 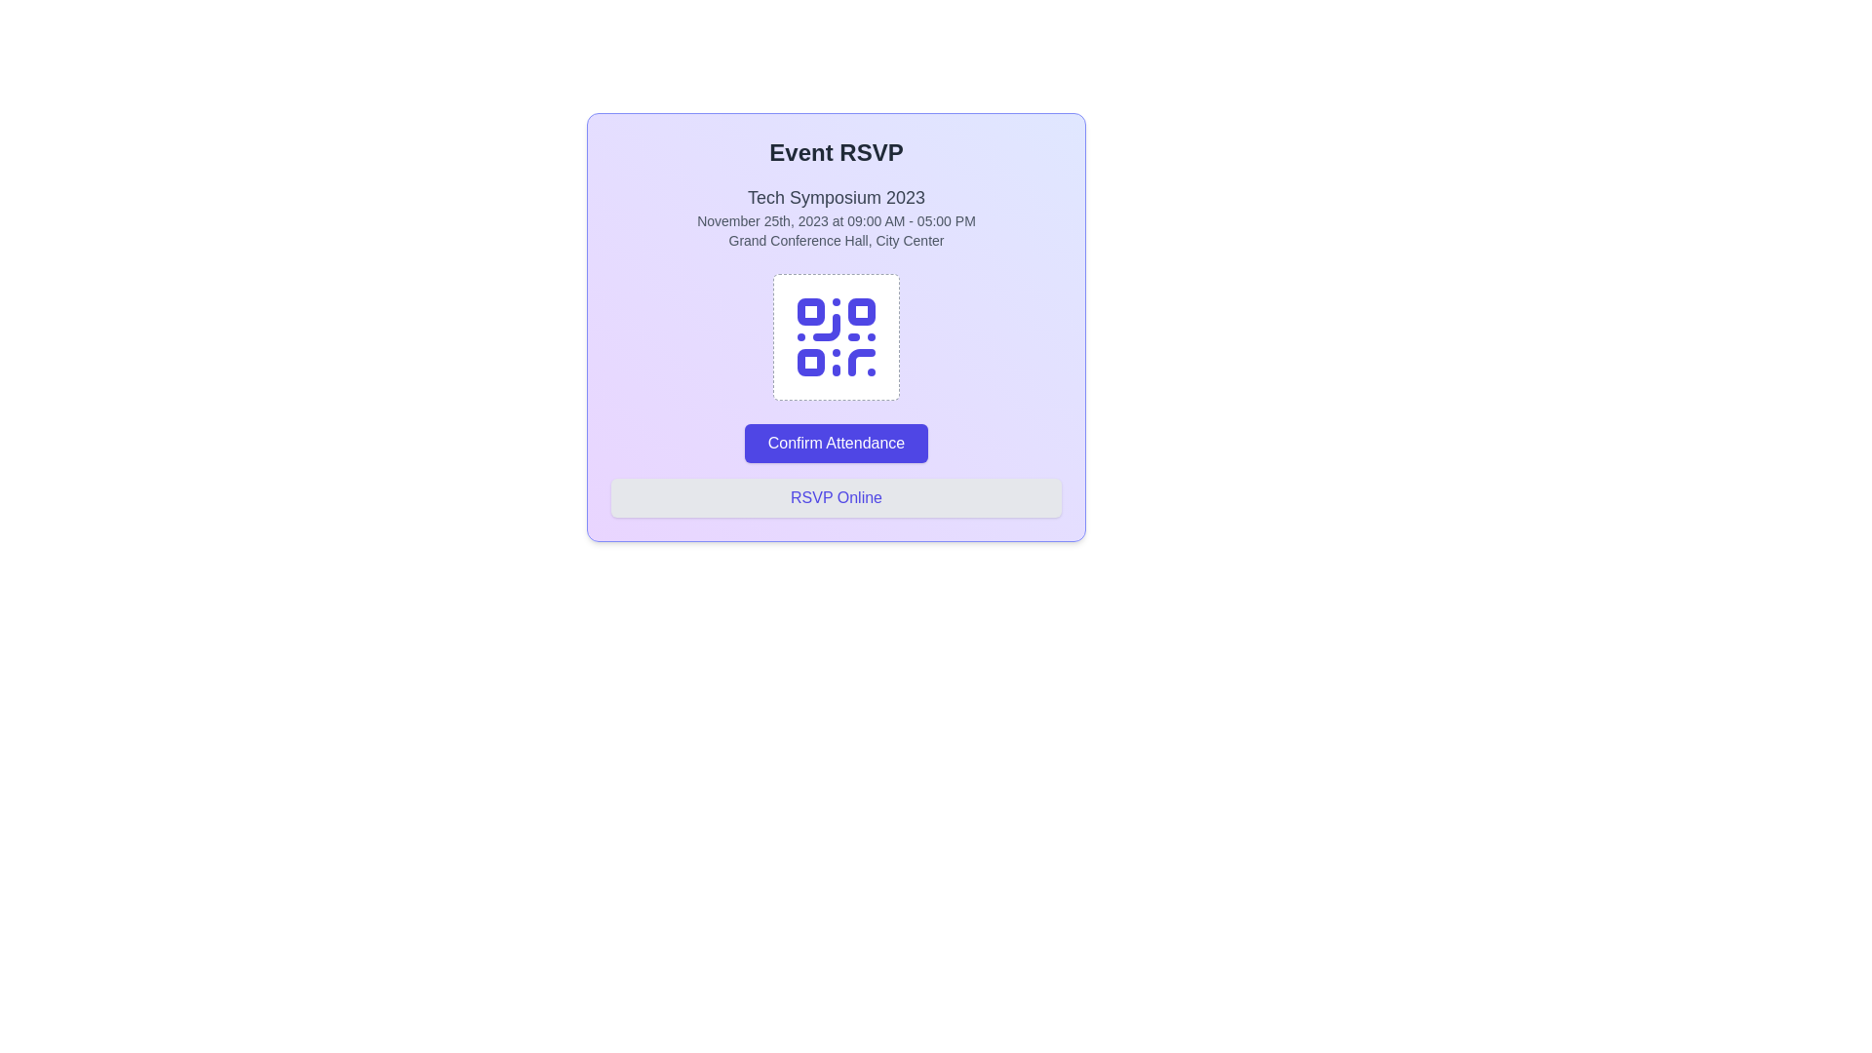 What do you see at coordinates (837, 217) in the screenshot?
I see `the Text content block that provides the title, date, time, and location of an event, located directly beneath the heading 'Event RSVP'` at bounding box center [837, 217].